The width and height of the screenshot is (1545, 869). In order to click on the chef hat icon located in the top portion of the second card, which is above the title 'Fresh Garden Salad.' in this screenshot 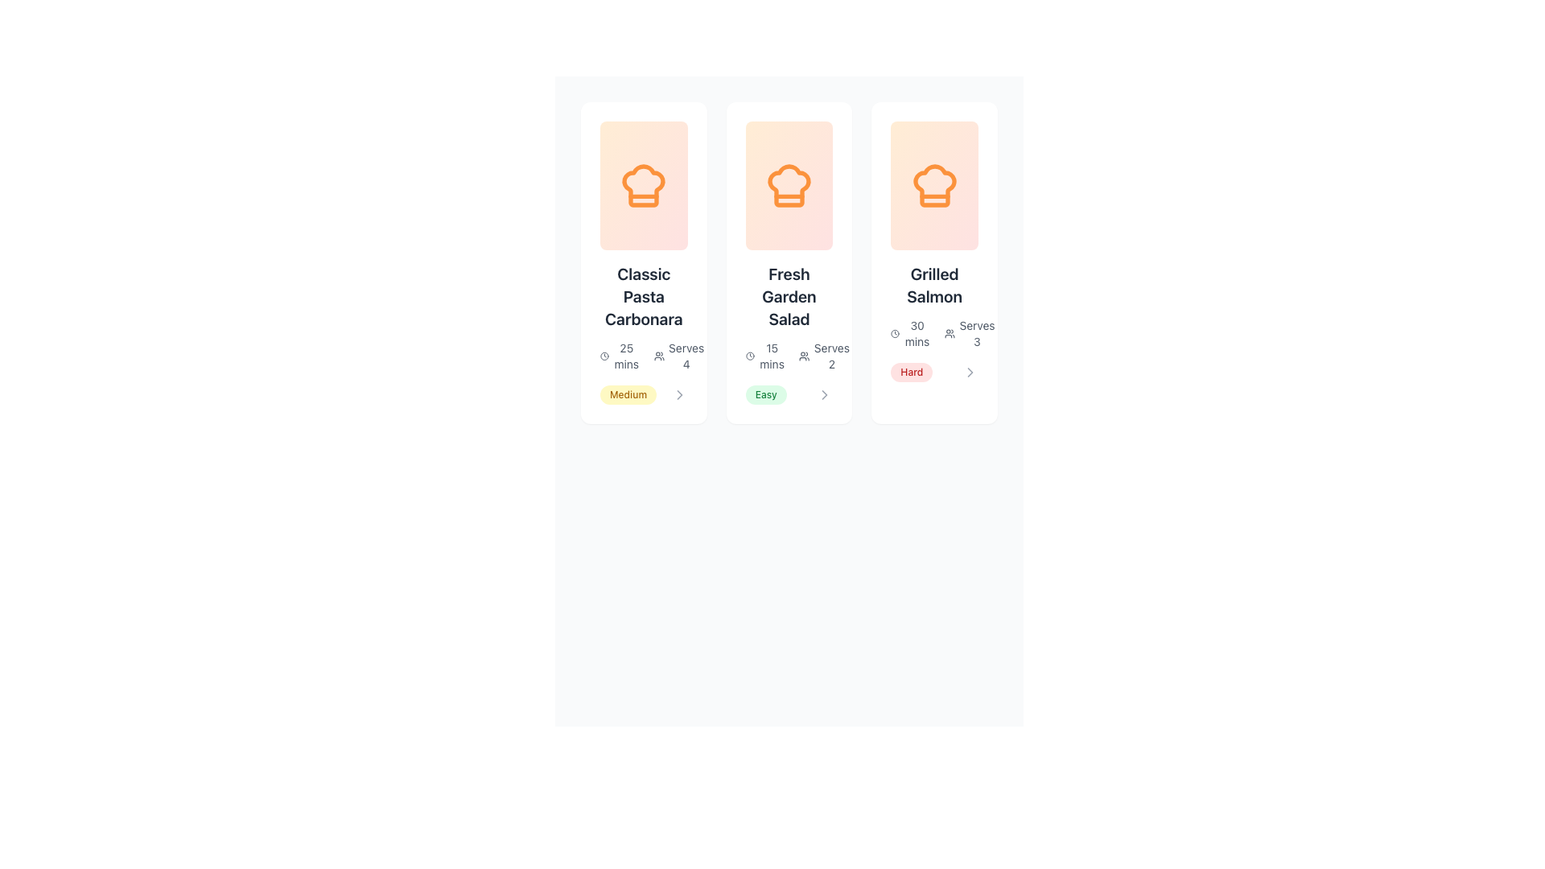, I will do `click(789, 185)`.